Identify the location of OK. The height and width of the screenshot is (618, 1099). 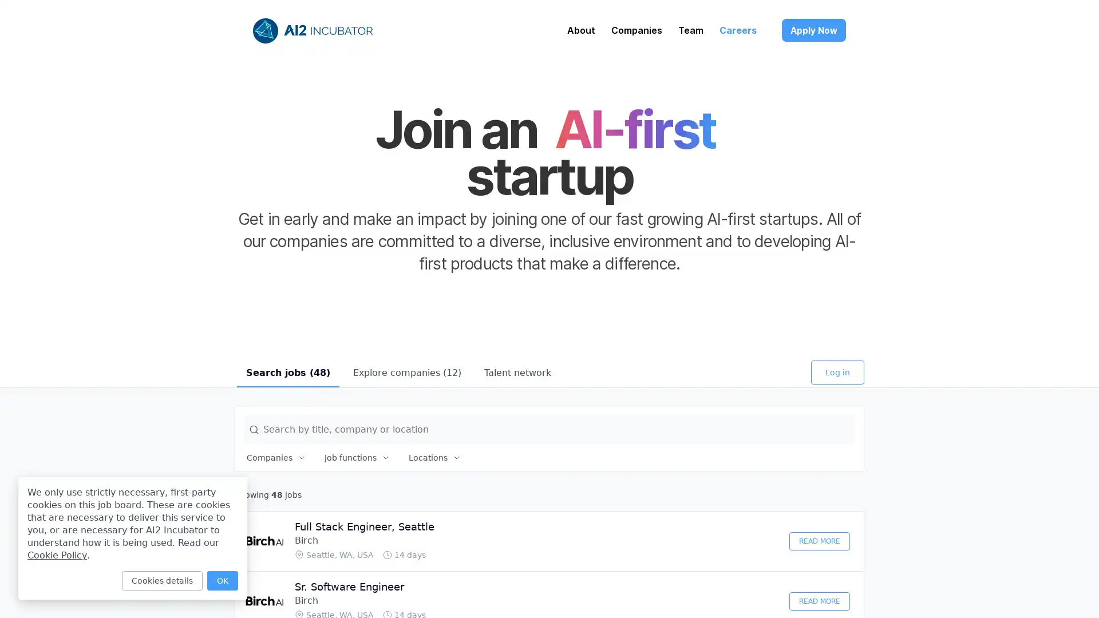
(222, 580).